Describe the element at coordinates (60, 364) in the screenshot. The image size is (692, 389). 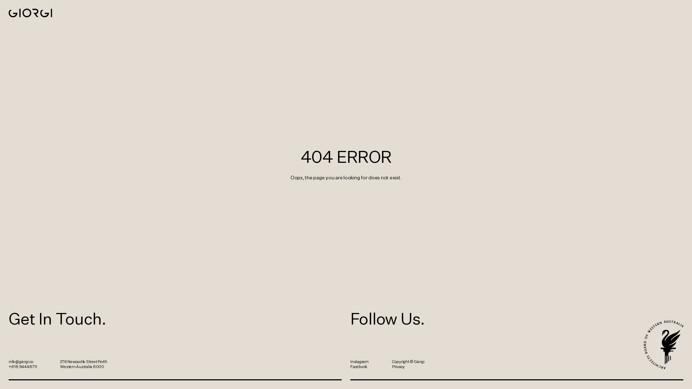
I see `'276 Newcastle Street Perth Western Australia 6000'` at that location.